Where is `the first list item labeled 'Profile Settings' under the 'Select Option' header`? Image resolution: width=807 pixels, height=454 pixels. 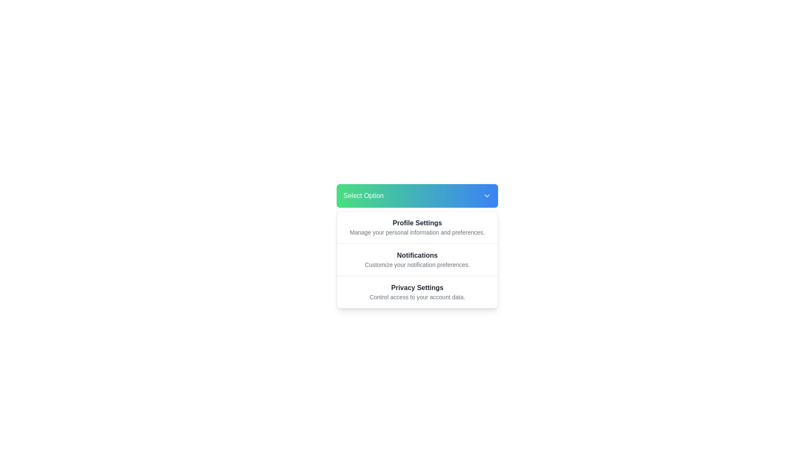 the first list item labeled 'Profile Settings' under the 'Select Option' header is located at coordinates (417, 227).